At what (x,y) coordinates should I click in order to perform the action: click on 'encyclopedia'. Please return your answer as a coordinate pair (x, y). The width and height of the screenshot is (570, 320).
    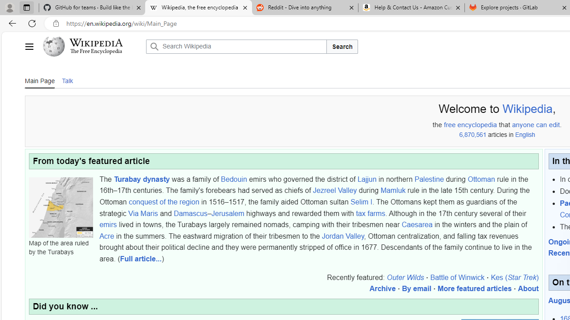
    Looking at the image, I should click on (477, 125).